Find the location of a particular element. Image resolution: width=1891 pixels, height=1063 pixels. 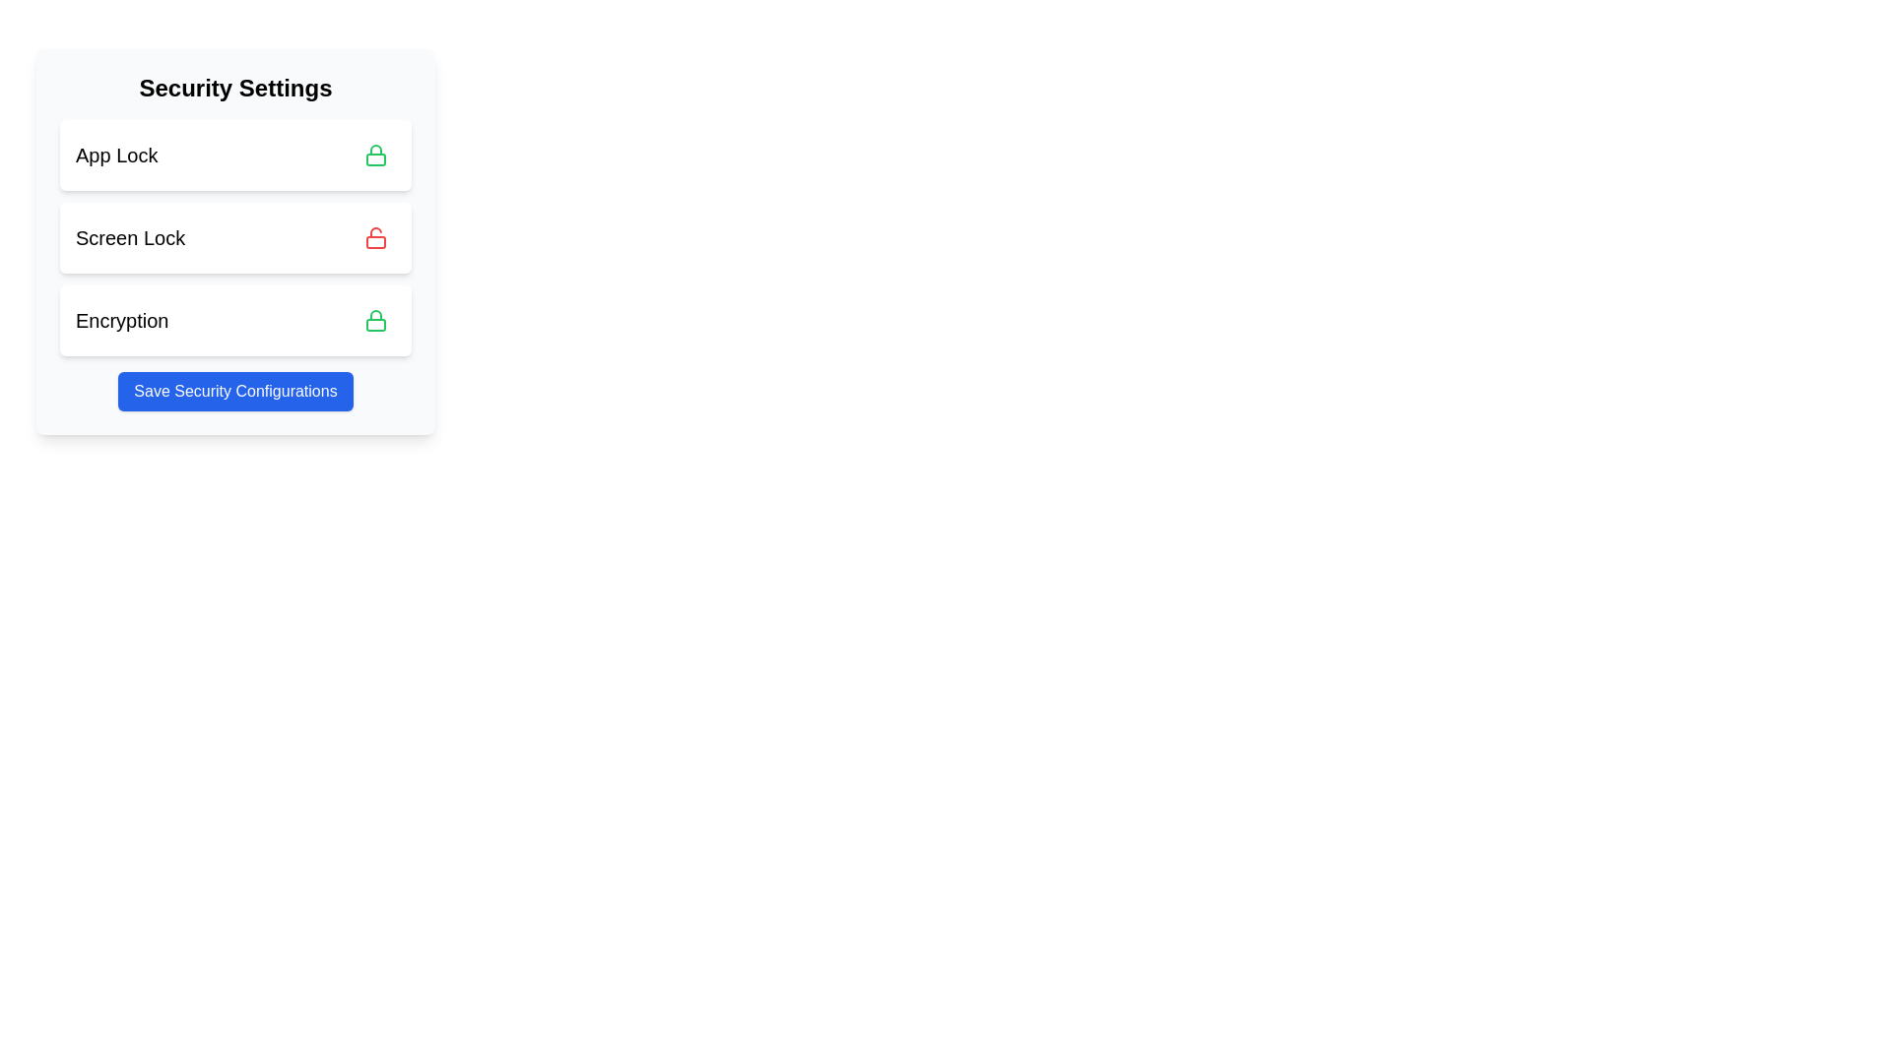

the lock button for 'App Lock' to observe any tooltip or visual feedback is located at coordinates (376, 155).